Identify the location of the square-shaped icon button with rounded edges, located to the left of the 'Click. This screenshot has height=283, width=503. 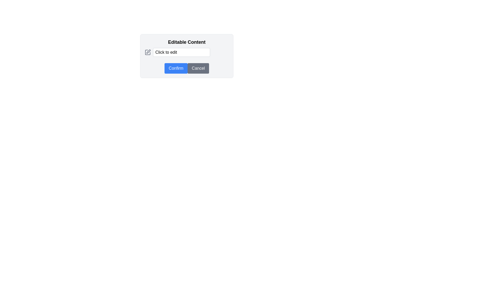
(147, 52).